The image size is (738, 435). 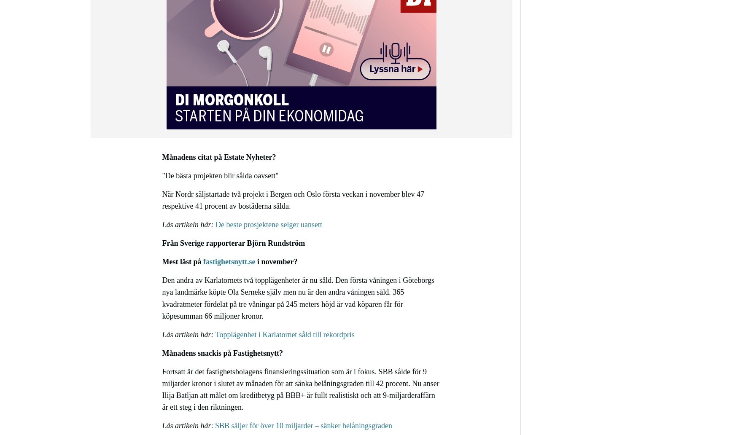 I want to click on 'fastighetsnytt.se', so click(x=229, y=261).